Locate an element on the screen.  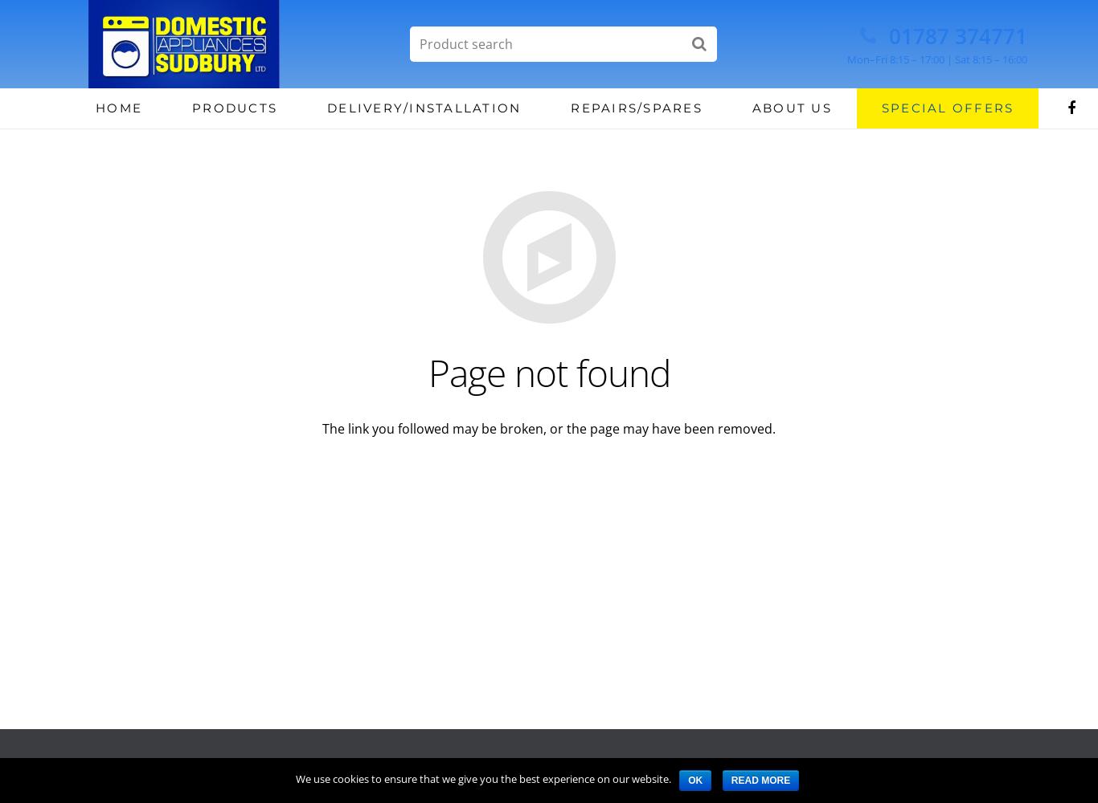
'We use cookies to ensure that we give you the best experience on our website.' is located at coordinates (482, 778).